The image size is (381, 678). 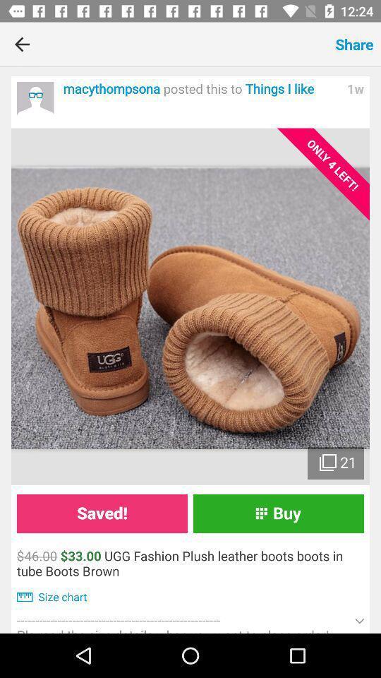 What do you see at coordinates (190, 307) in the screenshot?
I see `item above saved! icon` at bounding box center [190, 307].